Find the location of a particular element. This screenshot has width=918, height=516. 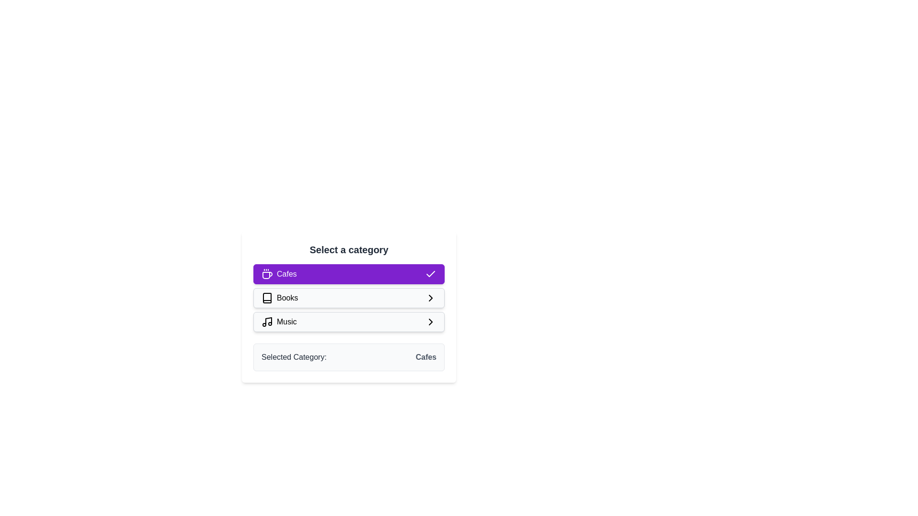

the right-facing chevron icon located to the right of the 'Books' option in the interactive list interface is located at coordinates (430, 298).